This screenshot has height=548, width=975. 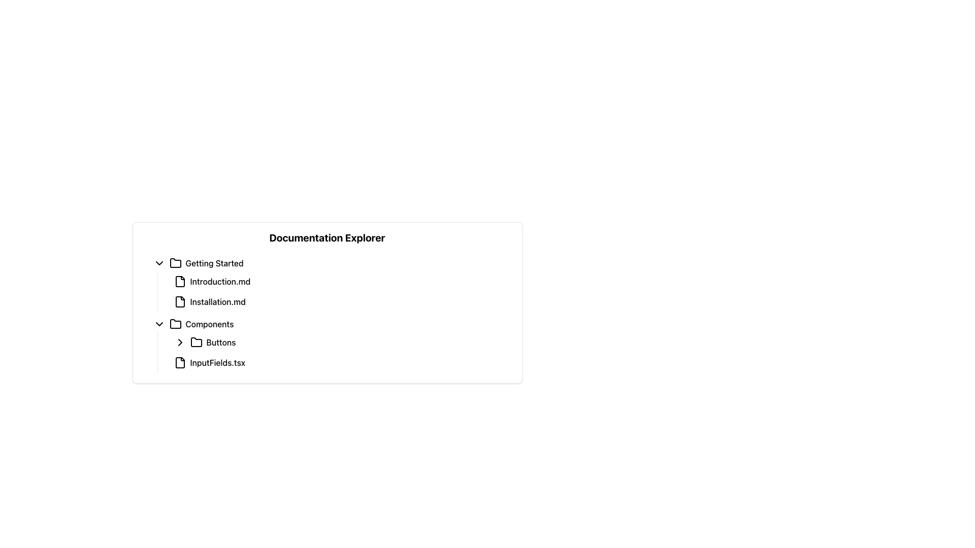 What do you see at coordinates (341, 342) in the screenshot?
I see `the first interactive toggleable list item labeled 'Buttons' in the 'Components' subsection of the 'Documentation Explorer'` at bounding box center [341, 342].